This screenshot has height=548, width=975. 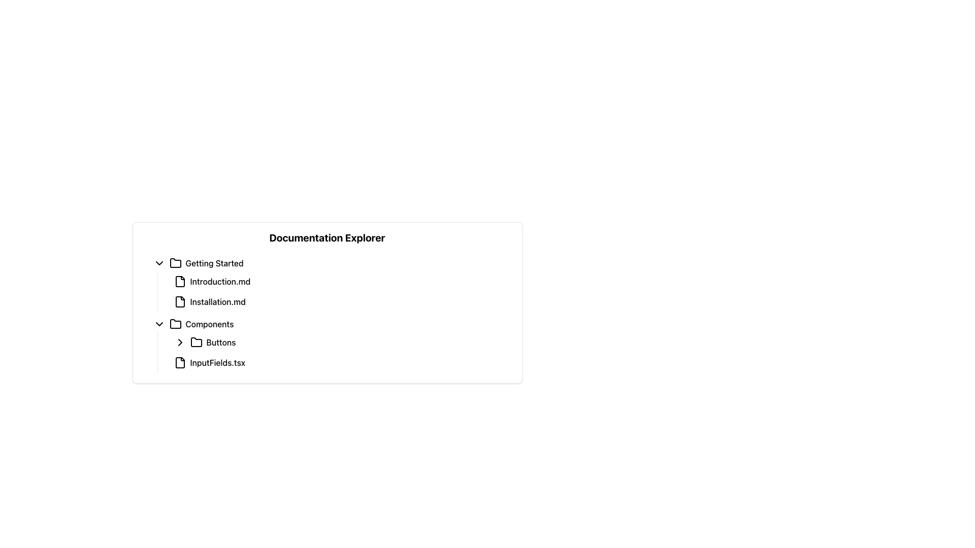 What do you see at coordinates (341, 342) in the screenshot?
I see `the first interactive toggleable list item labeled 'Buttons' in the 'Components' subsection of the 'Documentation Explorer'` at bounding box center [341, 342].